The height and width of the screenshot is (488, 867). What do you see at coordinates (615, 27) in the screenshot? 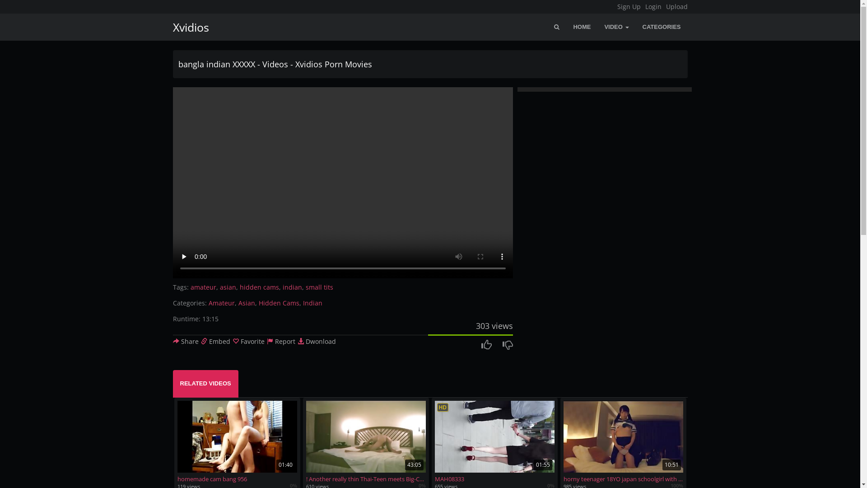
I see `'VIDEO'` at bounding box center [615, 27].